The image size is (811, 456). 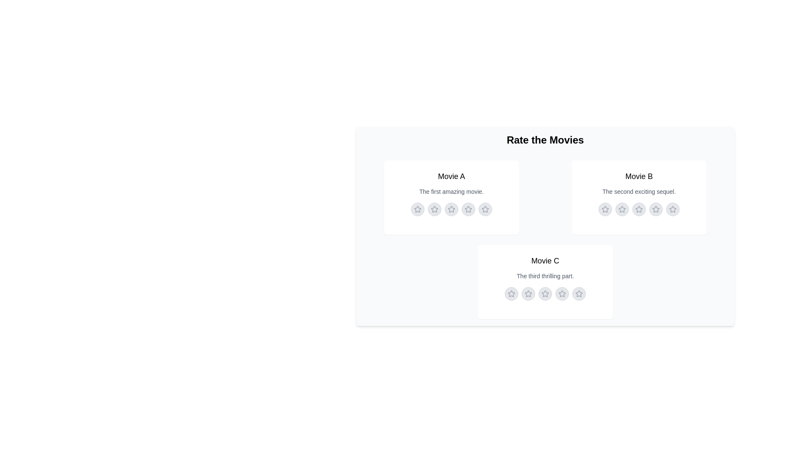 I want to click on the third rating button indicating three stars for Movie A, located below the title 'Movie A' and description 'The first amazing movie.', so click(x=451, y=209).